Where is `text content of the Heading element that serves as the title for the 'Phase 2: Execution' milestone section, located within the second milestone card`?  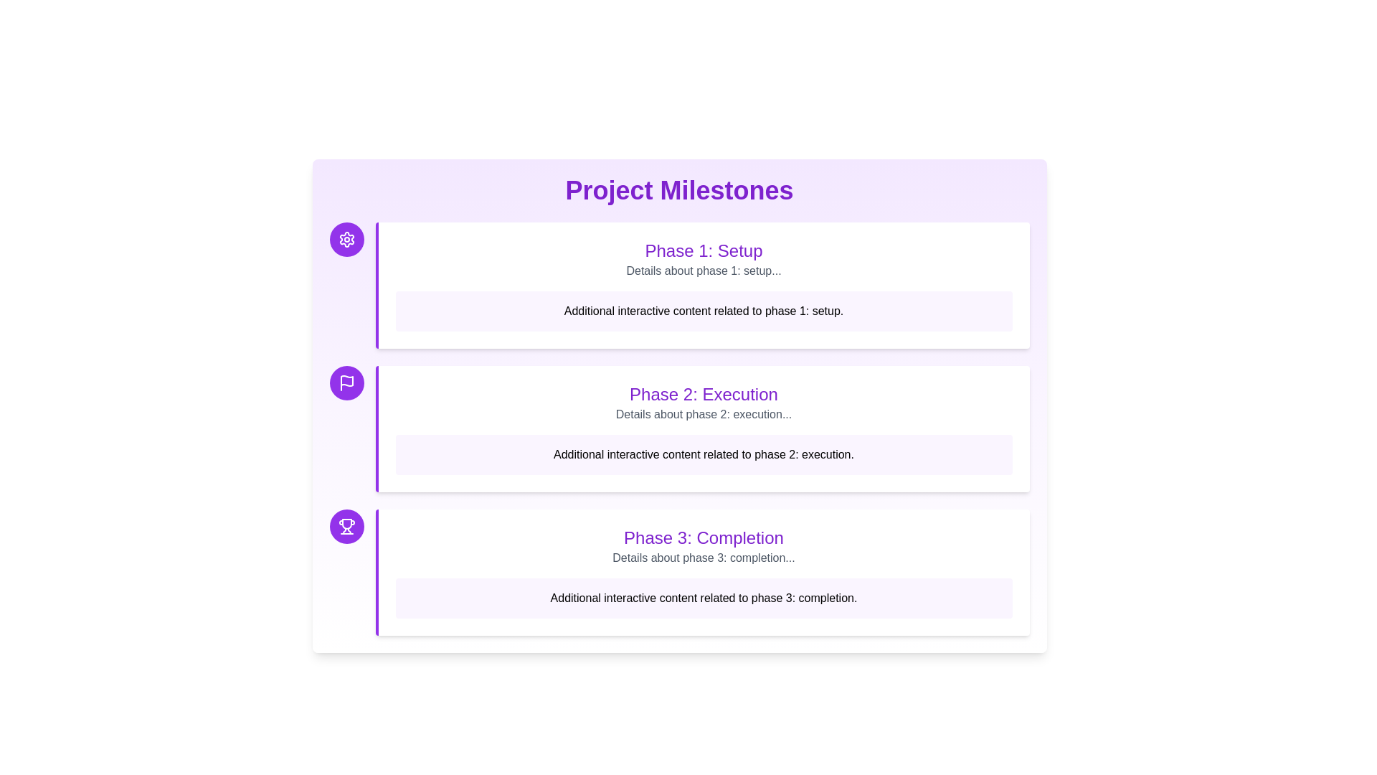
text content of the Heading element that serves as the title for the 'Phase 2: Execution' milestone section, located within the second milestone card is located at coordinates (704, 395).